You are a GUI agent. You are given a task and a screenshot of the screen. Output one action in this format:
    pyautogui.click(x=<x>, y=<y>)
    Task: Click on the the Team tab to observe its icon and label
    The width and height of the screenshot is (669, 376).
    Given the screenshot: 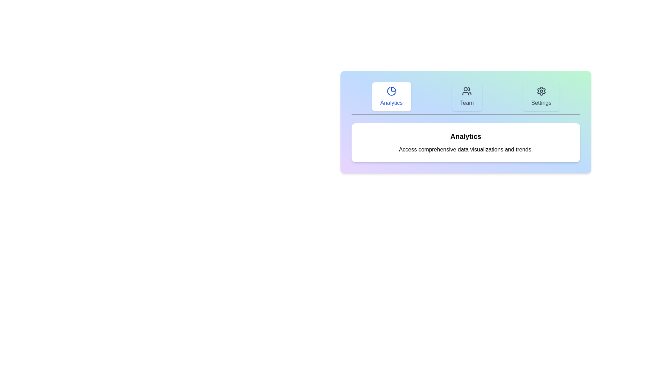 What is the action you would take?
    pyautogui.click(x=467, y=96)
    